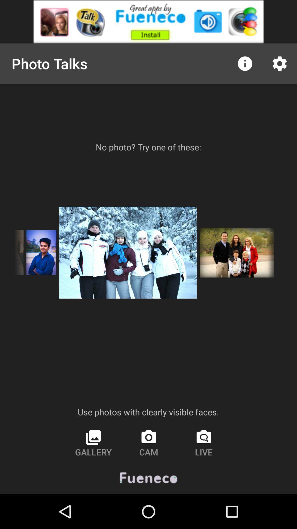  What do you see at coordinates (148, 443) in the screenshot?
I see `camera icon` at bounding box center [148, 443].